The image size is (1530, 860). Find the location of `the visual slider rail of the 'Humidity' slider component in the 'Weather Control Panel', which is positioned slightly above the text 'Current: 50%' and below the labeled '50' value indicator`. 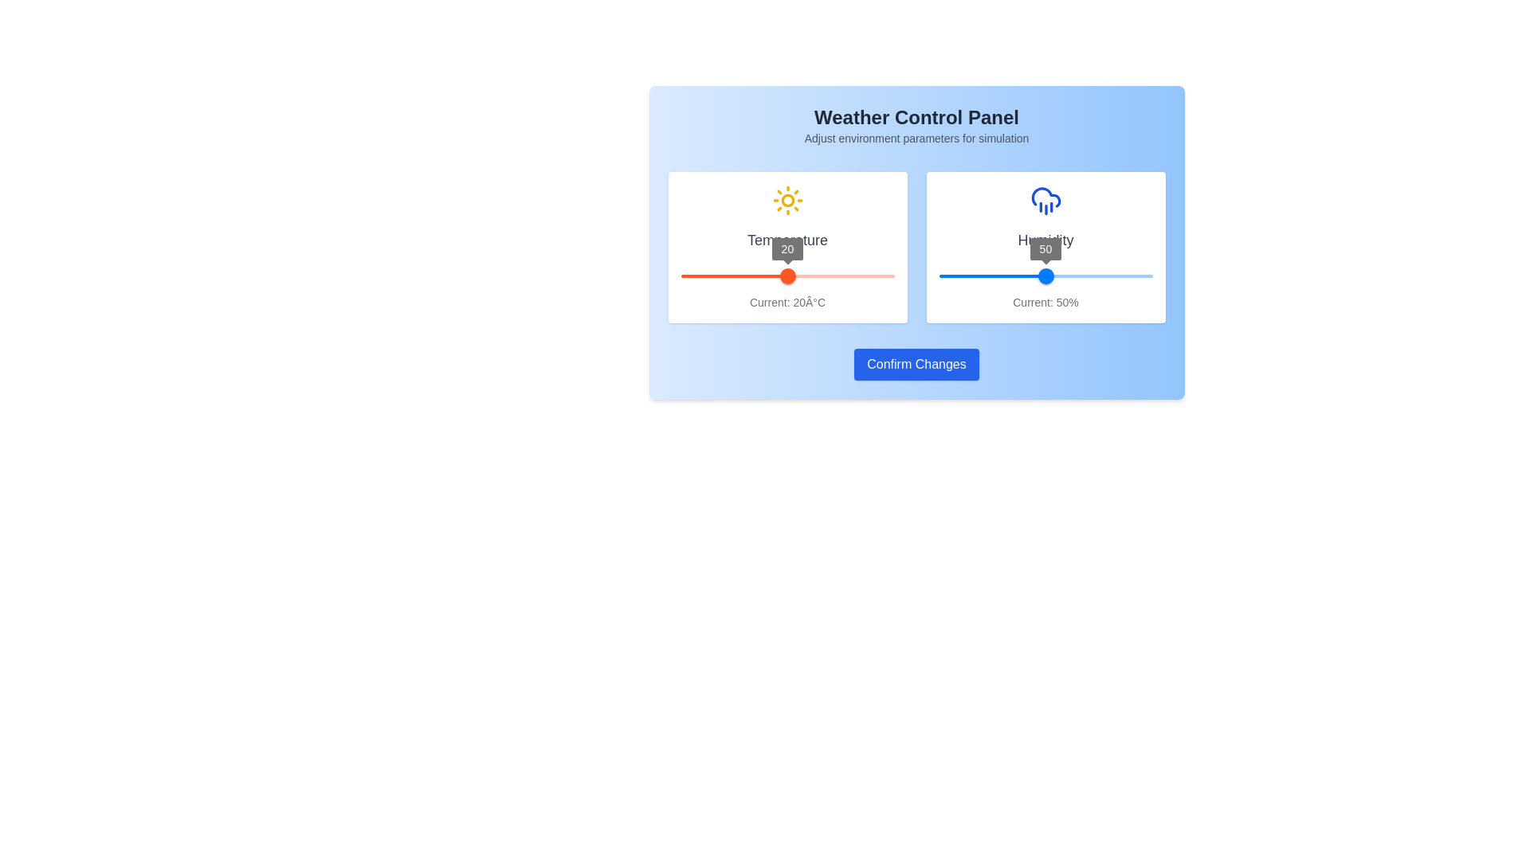

the visual slider rail of the 'Humidity' slider component in the 'Weather Control Panel', which is positioned slightly above the text 'Current: 50%' and below the labeled '50' value indicator is located at coordinates (1045, 276).